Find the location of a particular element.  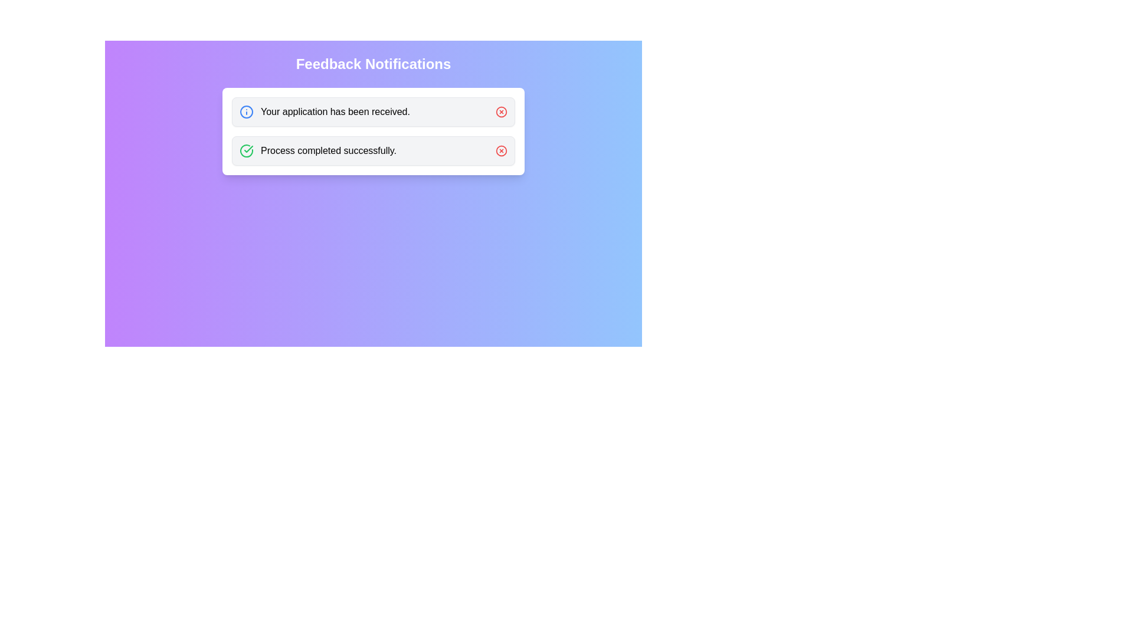

the circular blue outlined icon with a blue dot in the center, which is positioned to the left of the text 'Your application has been received.' is located at coordinates (245, 111).